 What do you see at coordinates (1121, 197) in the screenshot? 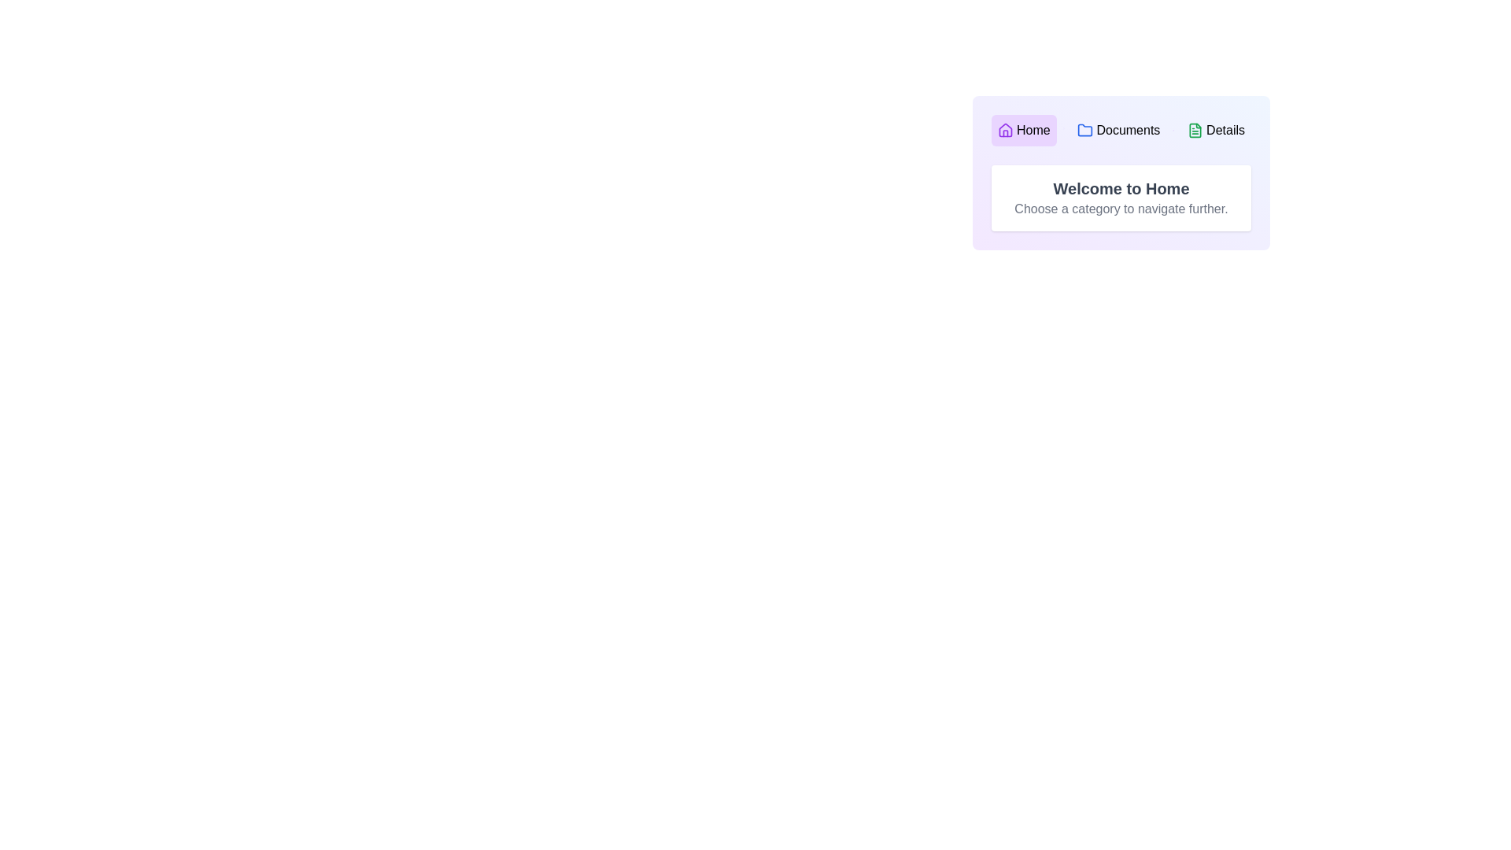
I see `text block located below the navigation bar which contains 'Welcome to Home' and 'Choose a category to navigate further.'` at bounding box center [1121, 197].